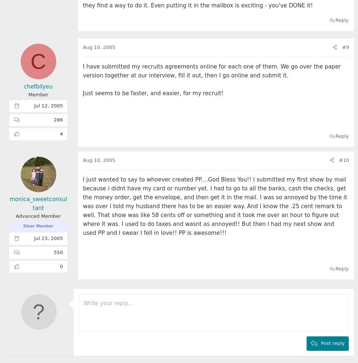  I want to click on 'Just seems to be faster, and easier, for my recruit!', so click(153, 93).